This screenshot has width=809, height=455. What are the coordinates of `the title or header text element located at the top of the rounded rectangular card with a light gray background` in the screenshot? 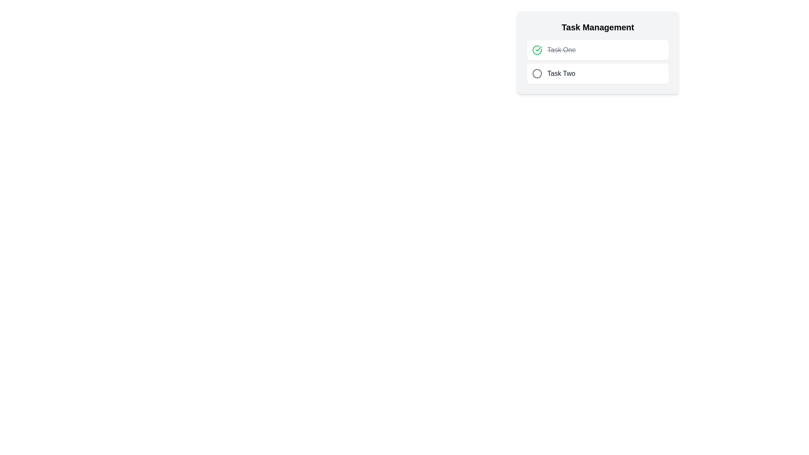 It's located at (597, 27).